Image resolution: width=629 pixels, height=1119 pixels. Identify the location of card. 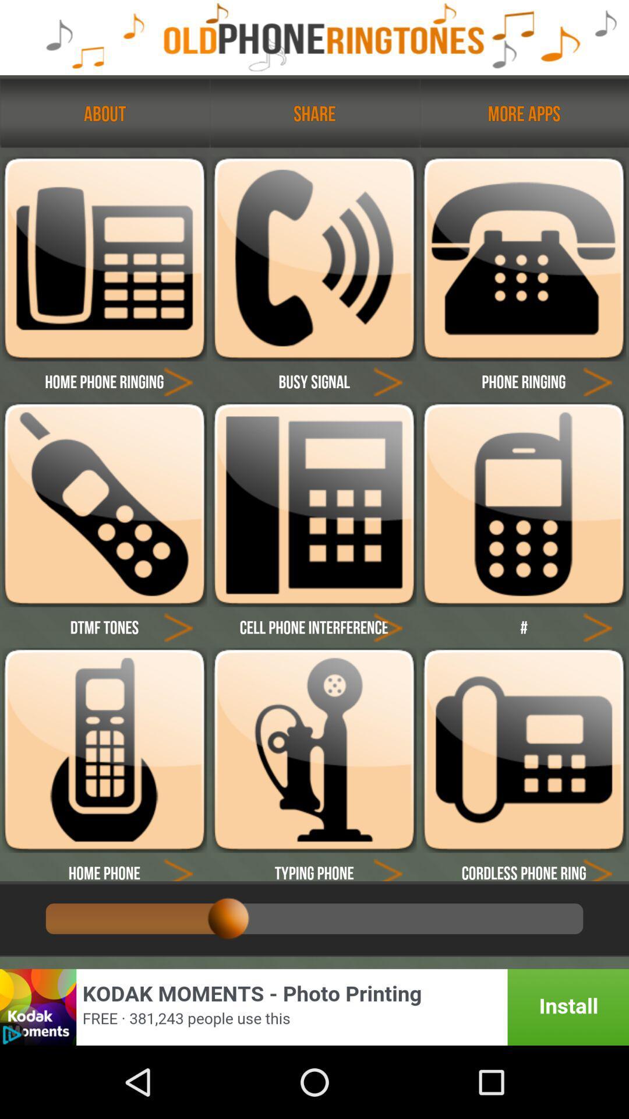
(598, 867).